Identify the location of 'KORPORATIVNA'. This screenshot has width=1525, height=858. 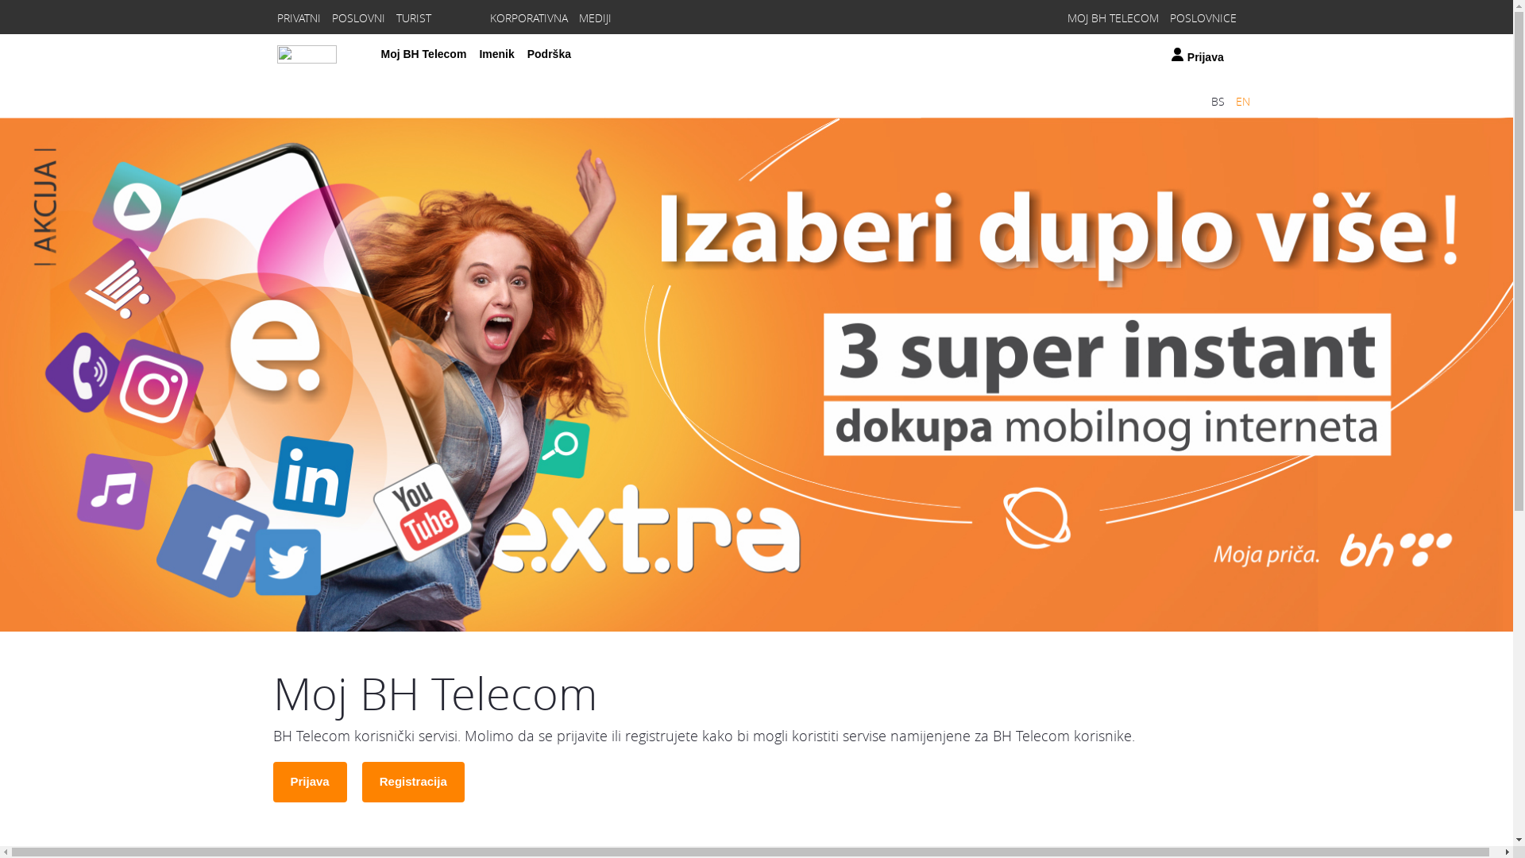
(528, 17).